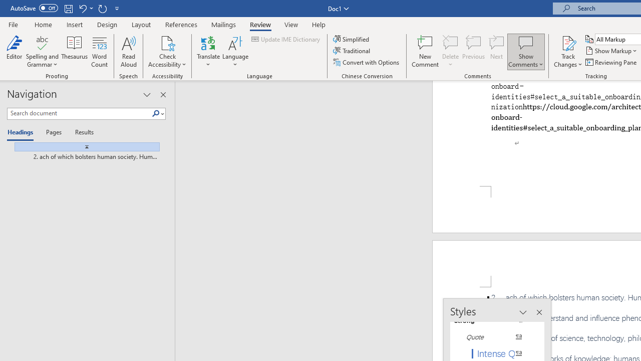  What do you see at coordinates (235, 52) in the screenshot?
I see `'Language'` at bounding box center [235, 52].